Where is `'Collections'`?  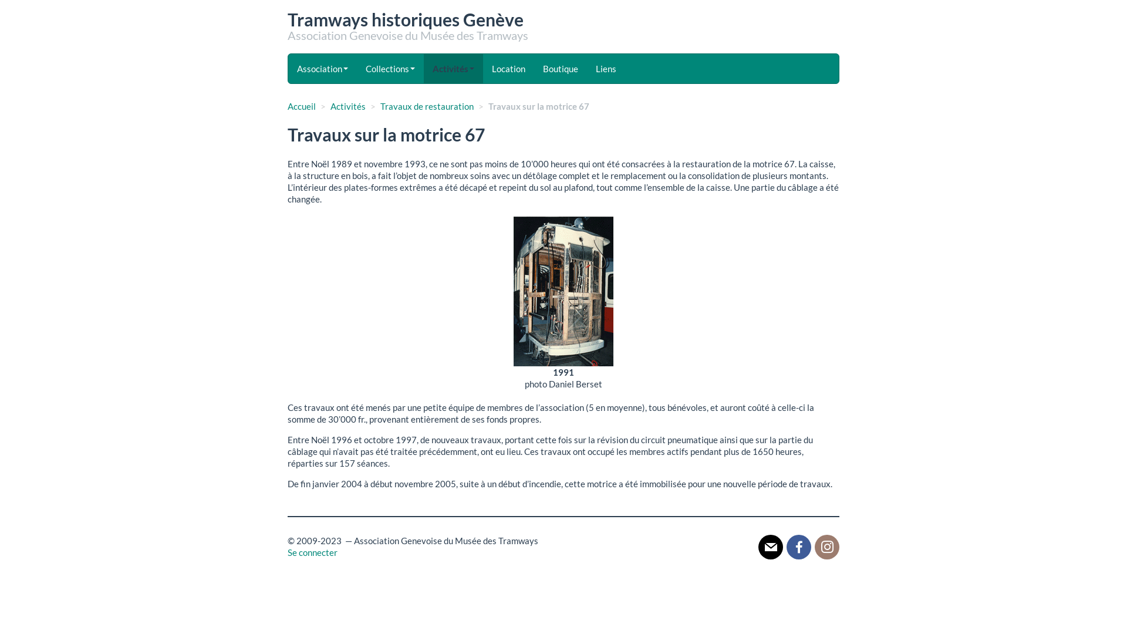 'Collections' is located at coordinates (390, 68).